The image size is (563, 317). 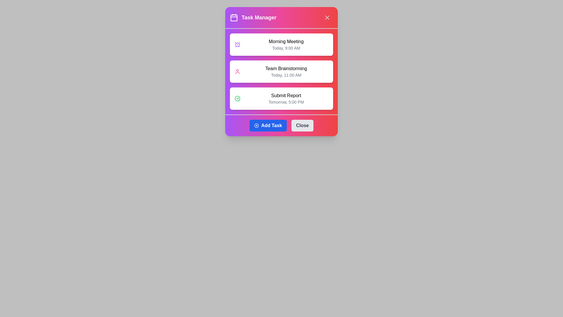 I want to click on the circular icon located at the bottom of the task list section, adjacent to the 'Submit Report' task label, to interact with it, so click(x=238, y=98).